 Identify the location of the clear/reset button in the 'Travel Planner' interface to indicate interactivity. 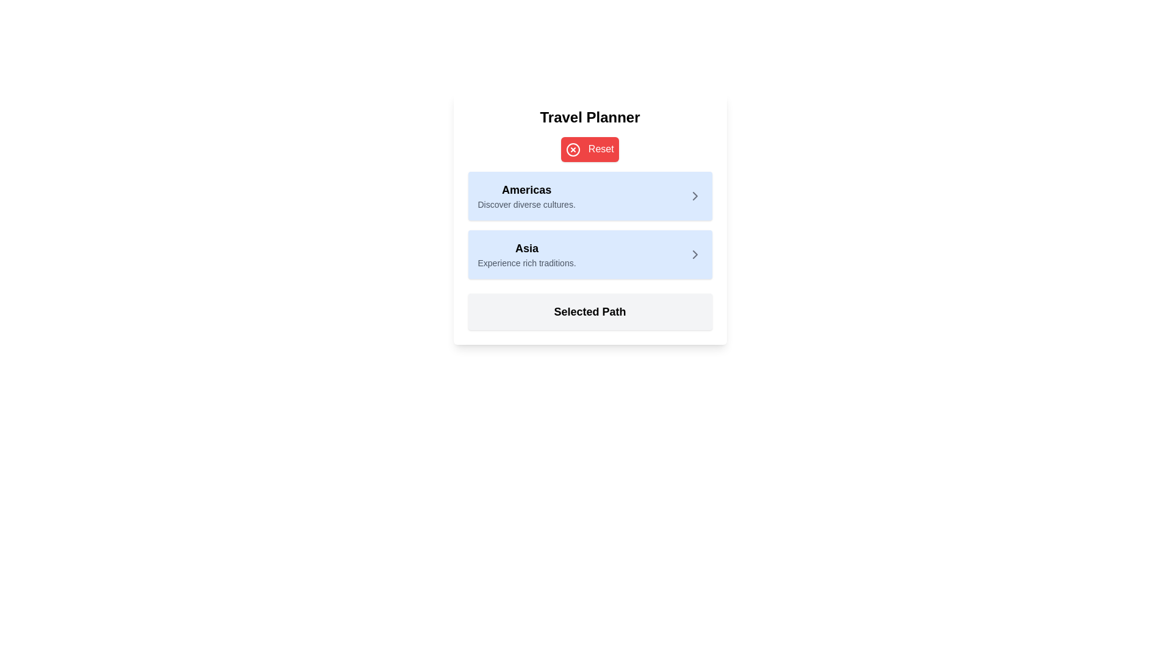
(590, 149).